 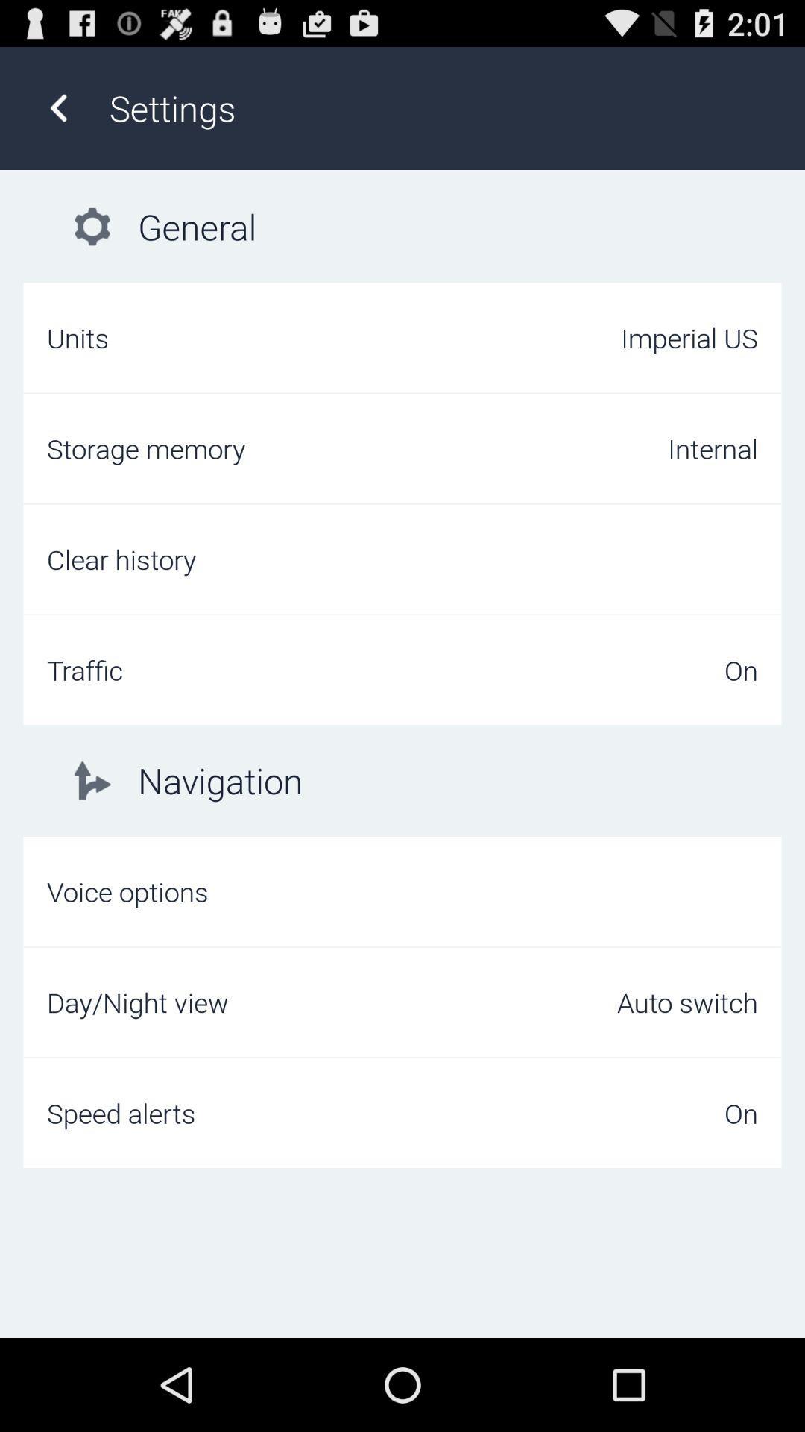 I want to click on the settings item, so click(x=441, y=107).